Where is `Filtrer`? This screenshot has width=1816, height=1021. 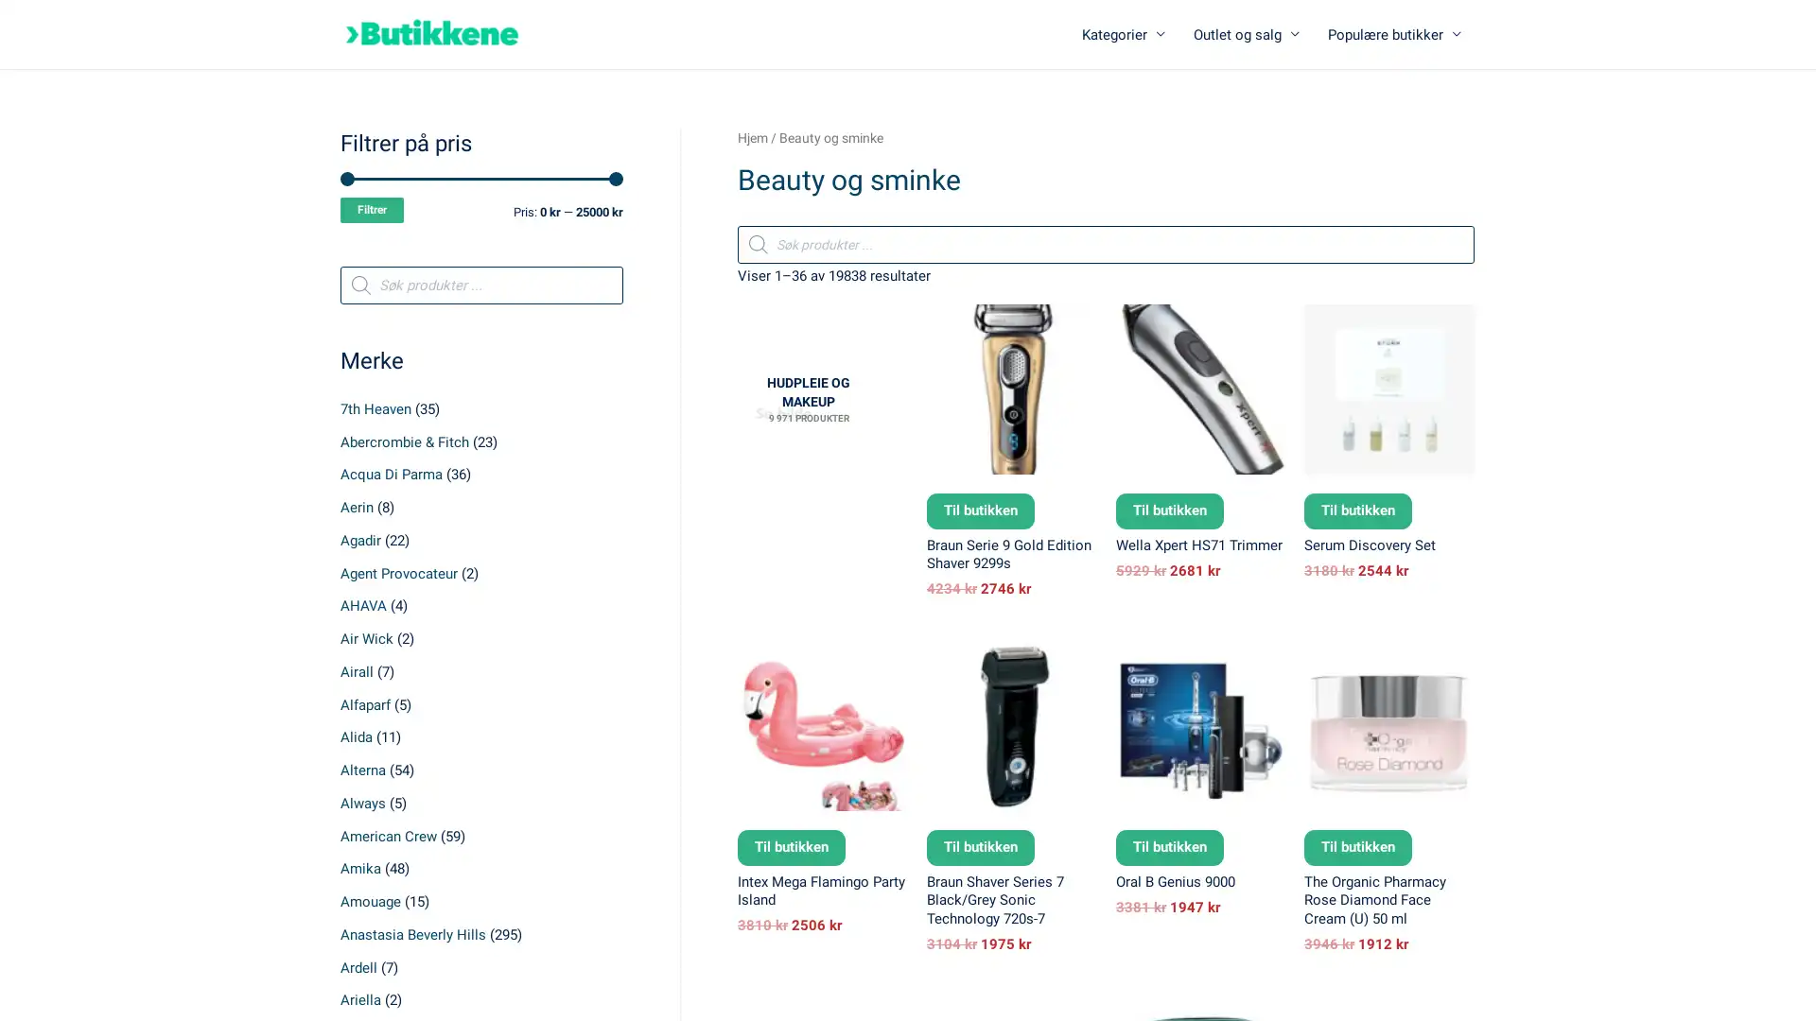
Filtrer is located at coordinates (372, 210).